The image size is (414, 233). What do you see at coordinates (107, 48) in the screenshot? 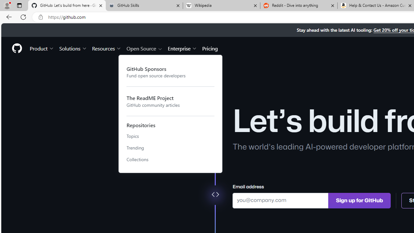
I see `'Resources'` at bounding box center [107, 48].